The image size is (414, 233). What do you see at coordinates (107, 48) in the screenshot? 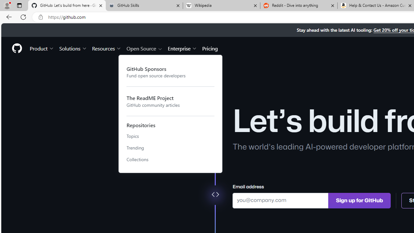
I see `'Resources'` at bounding box center [107, 48].